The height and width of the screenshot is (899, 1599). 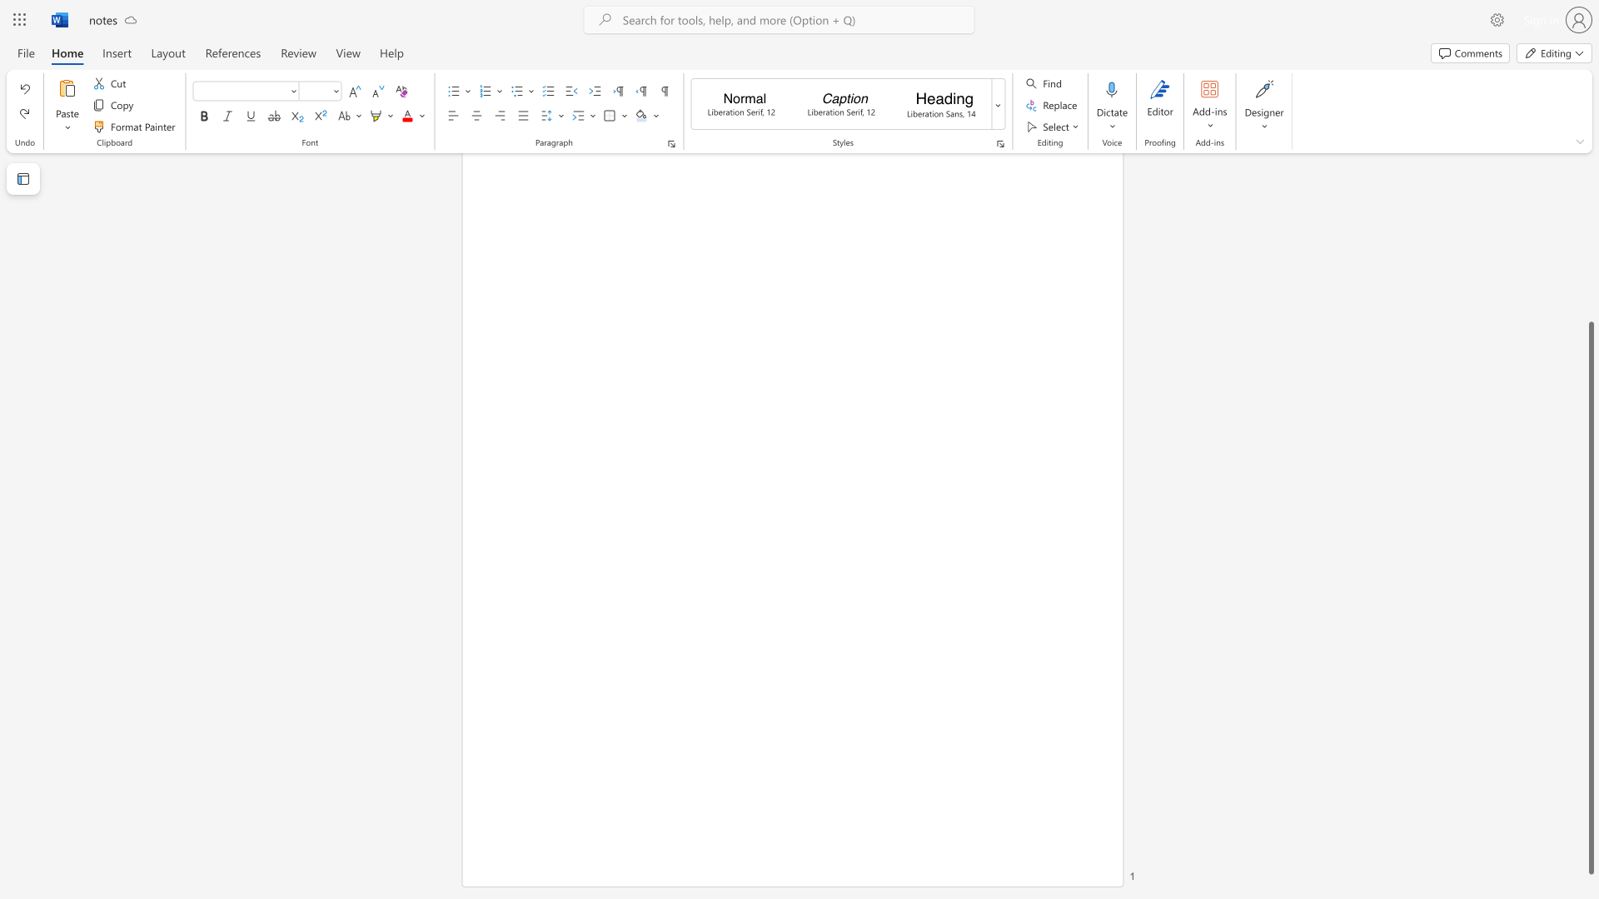 I want to click on the scrollbar, so click(x=1590, y=281).